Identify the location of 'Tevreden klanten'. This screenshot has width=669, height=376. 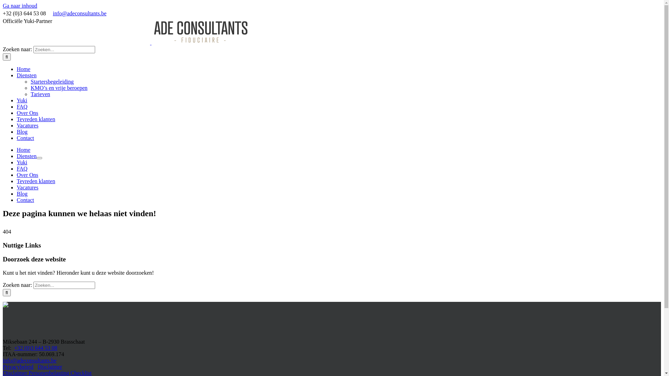
(35, 119).